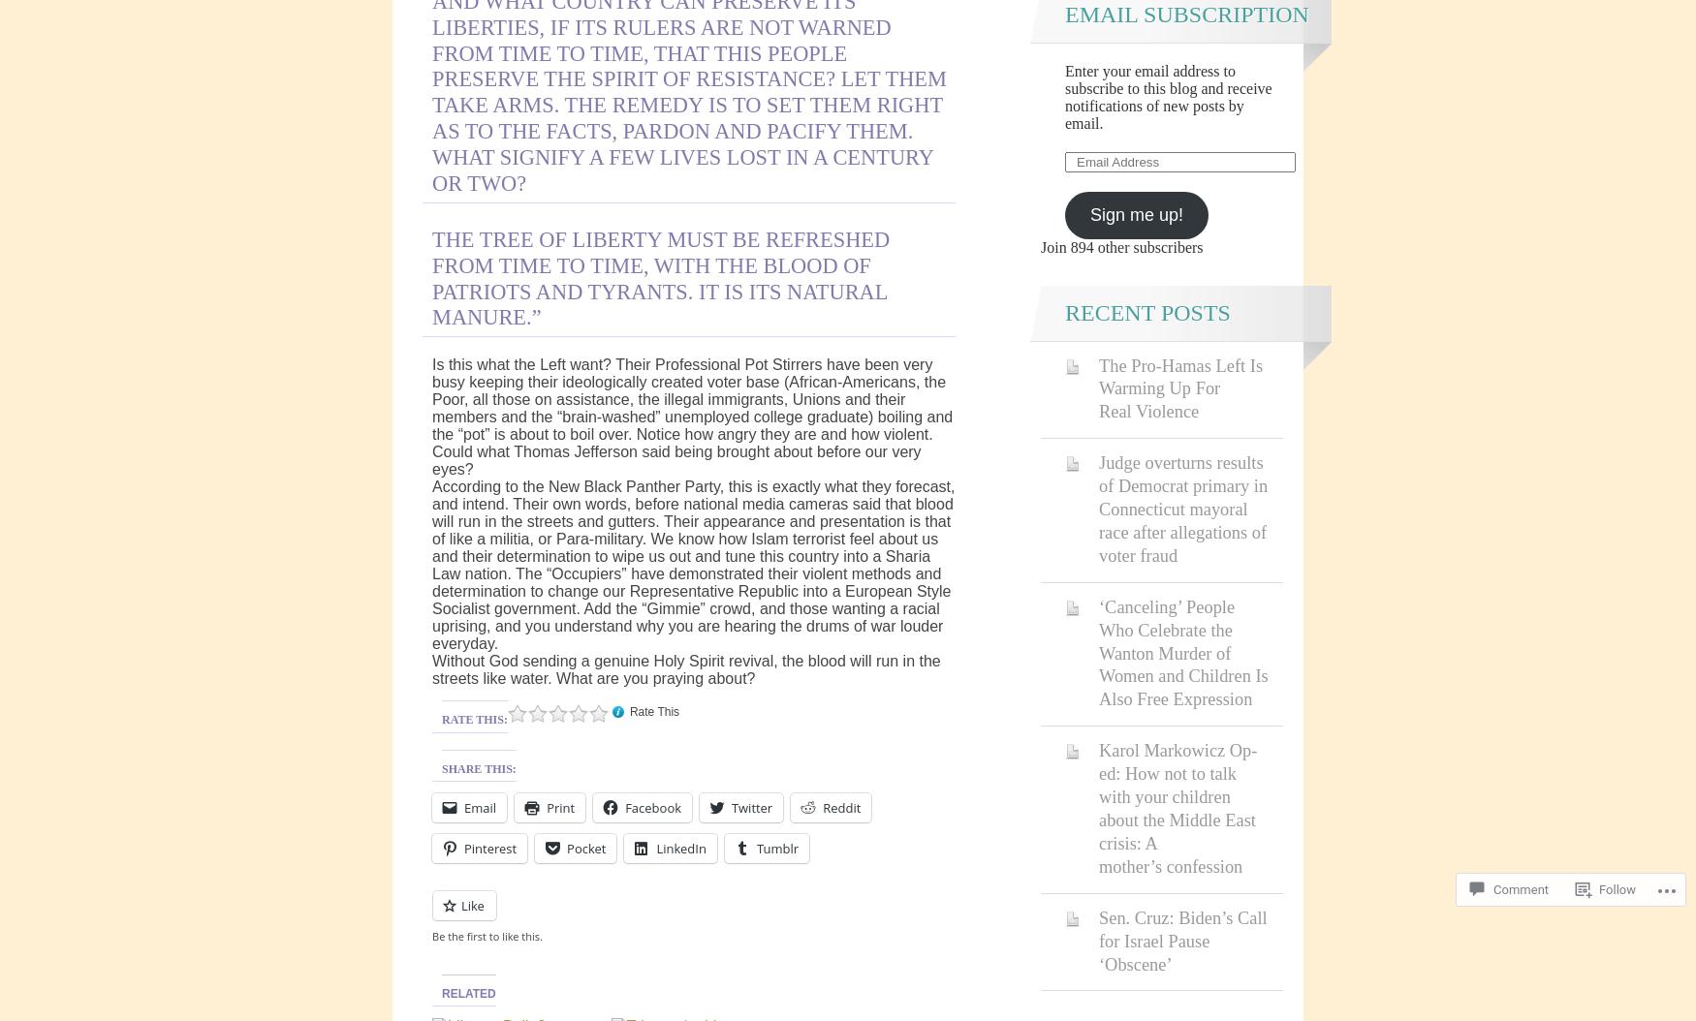 This screenshot has height=1021, width=1696. Describe the element at coordinates (841, 807) in the screenshot. I see `'Reddit'` at that location.